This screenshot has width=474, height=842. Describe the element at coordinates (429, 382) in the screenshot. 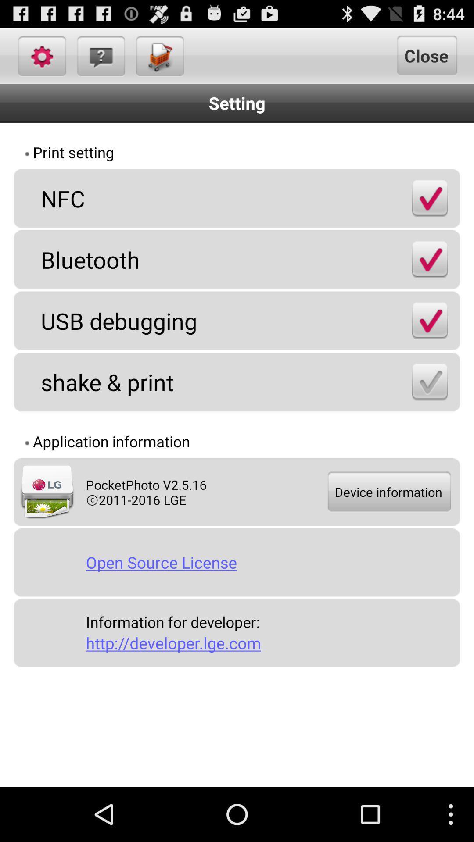

I see `the icon next to the shake & print app` at that location.